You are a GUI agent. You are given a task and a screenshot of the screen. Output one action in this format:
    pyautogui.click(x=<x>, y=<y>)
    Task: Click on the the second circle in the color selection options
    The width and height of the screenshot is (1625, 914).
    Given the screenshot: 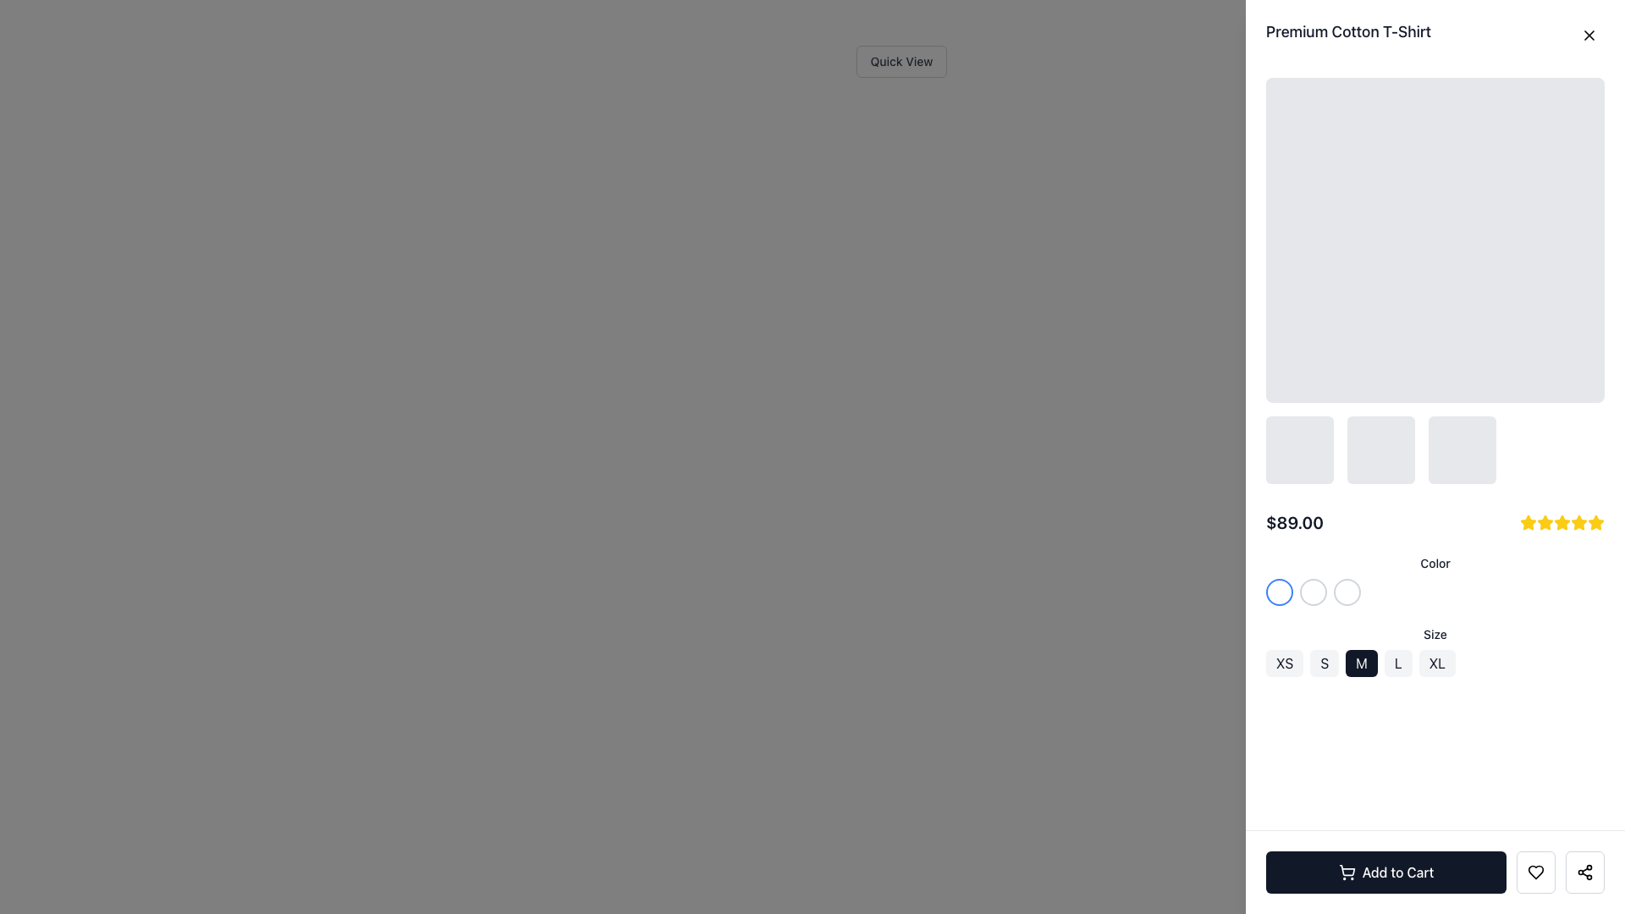 What is the action you would take?
    pyautogui.click(x=1312, y=591)
    